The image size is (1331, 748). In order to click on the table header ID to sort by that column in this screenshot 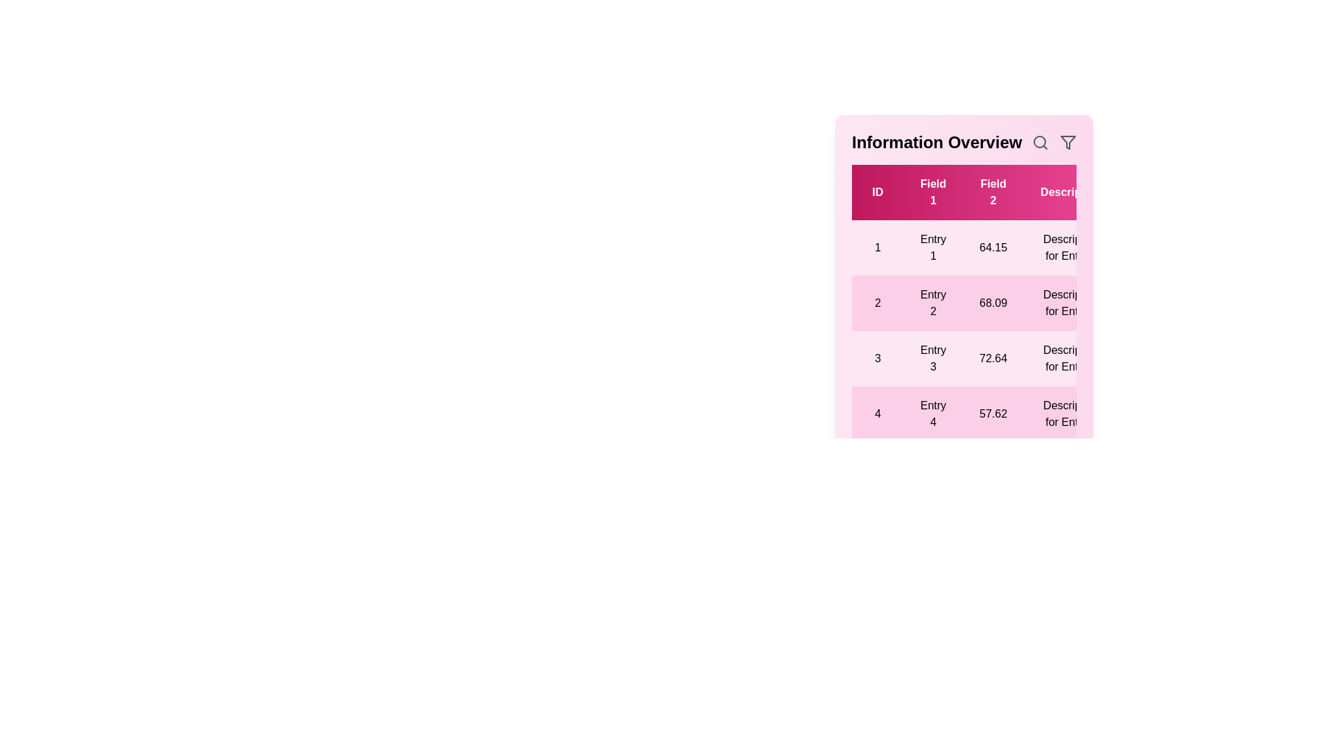, I will do `click(877, 192)`.